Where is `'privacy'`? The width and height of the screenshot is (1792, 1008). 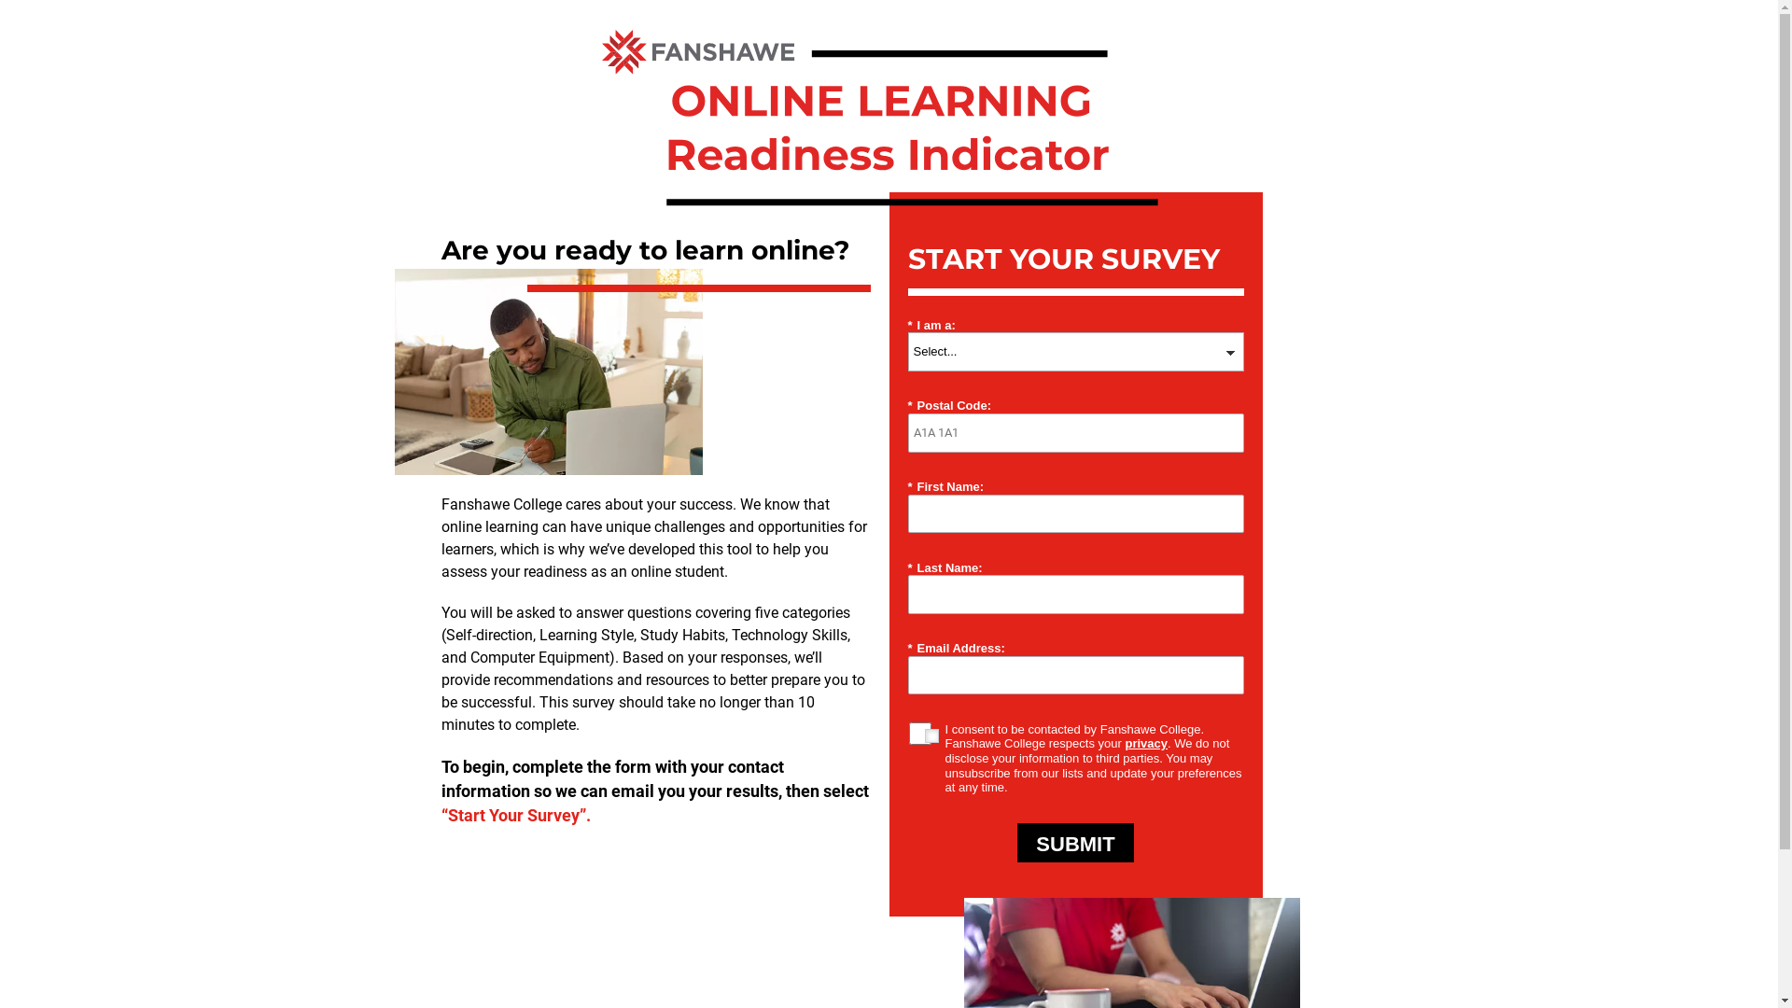
'privacy' is located at coordinates (1145, 742).